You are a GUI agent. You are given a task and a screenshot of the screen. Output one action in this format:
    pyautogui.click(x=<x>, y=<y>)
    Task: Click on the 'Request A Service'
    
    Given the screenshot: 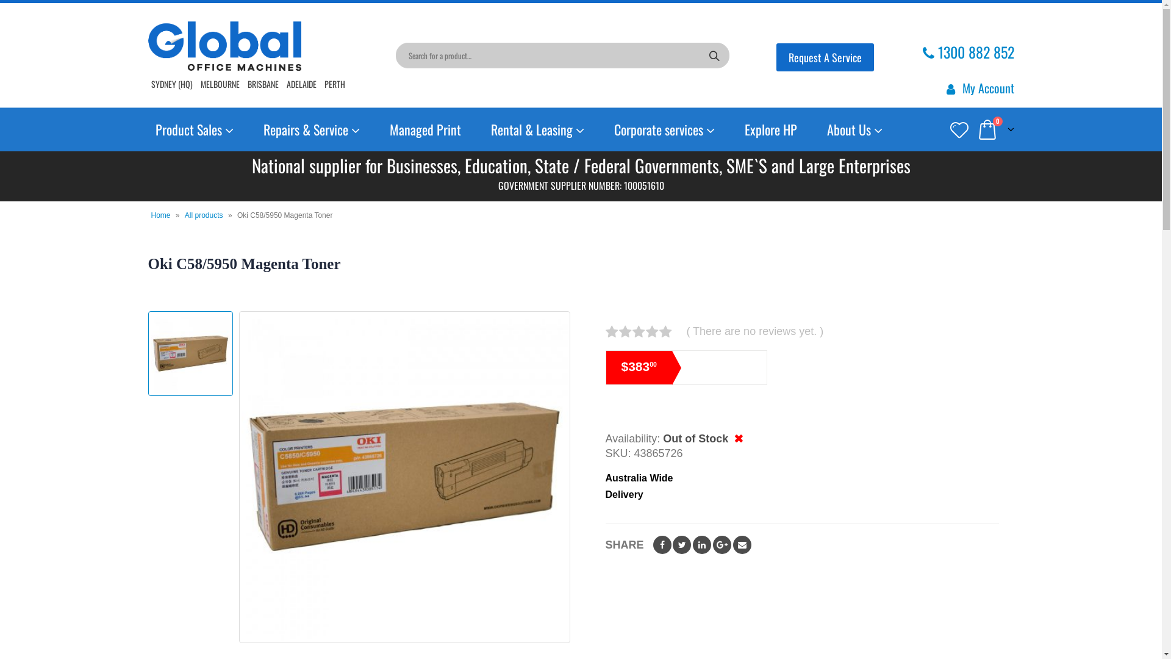 What is the action you would take?
    pyautogui.click(x=825, y=57)
    